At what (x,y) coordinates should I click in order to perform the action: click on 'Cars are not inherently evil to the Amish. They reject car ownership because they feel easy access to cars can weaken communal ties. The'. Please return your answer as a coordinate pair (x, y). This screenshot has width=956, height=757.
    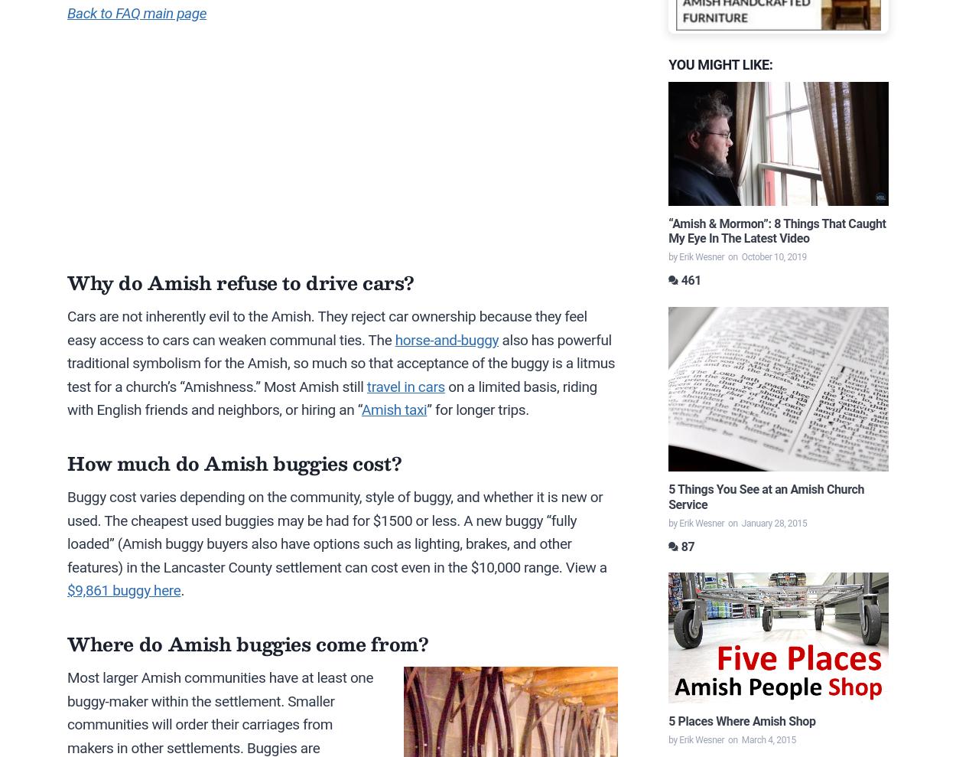
    Looking at the image, I should click on (327, 328).